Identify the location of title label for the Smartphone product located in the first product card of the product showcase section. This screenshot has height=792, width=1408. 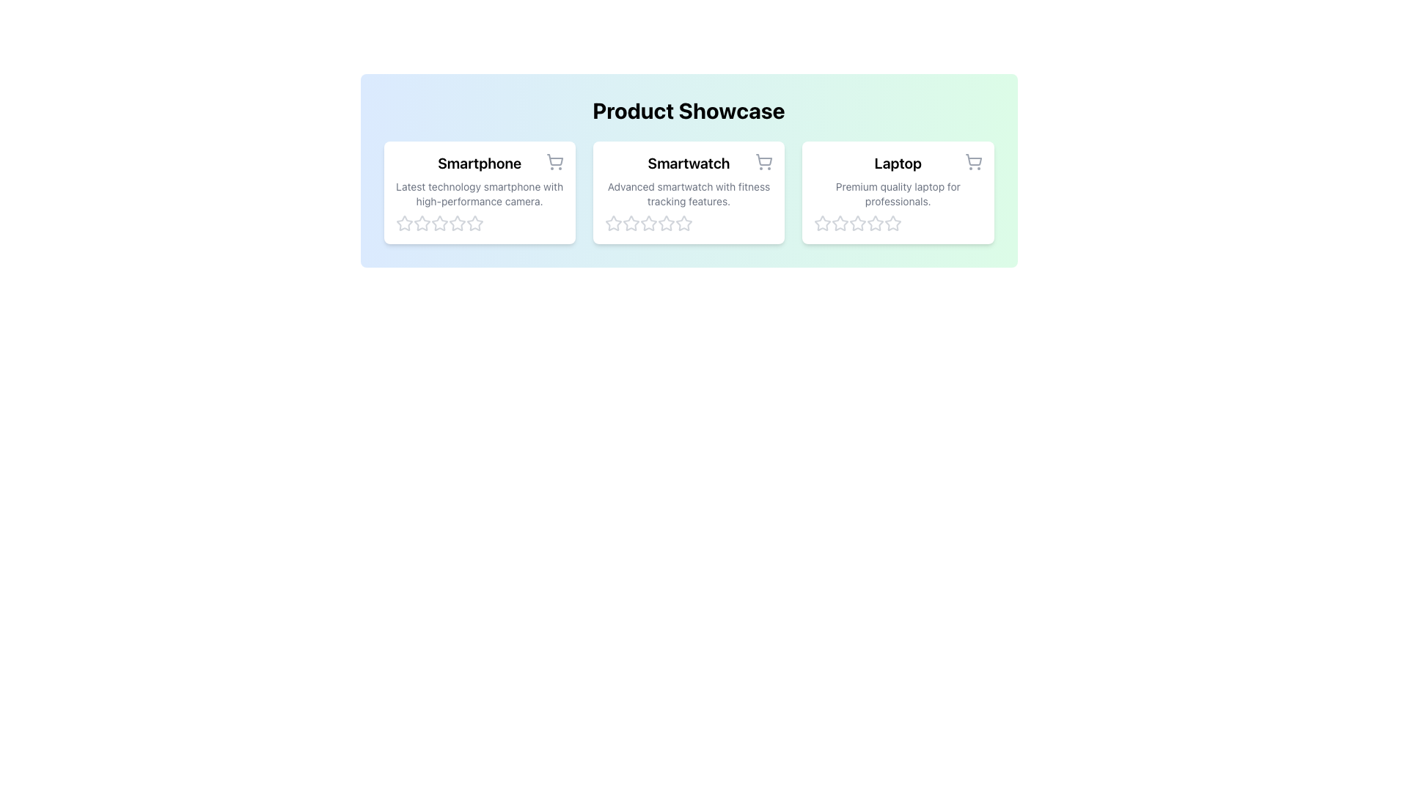
(480, 164).